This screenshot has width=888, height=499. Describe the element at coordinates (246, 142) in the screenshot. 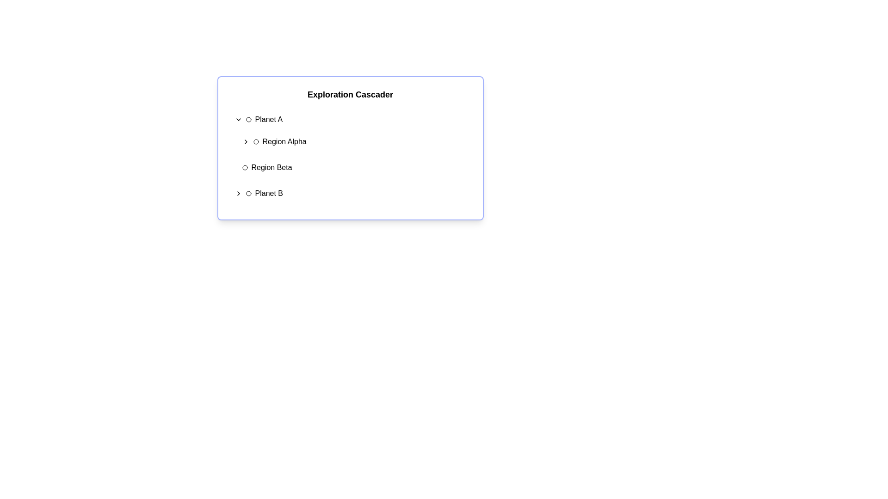

I see `the chevron icon element located to the left of the text label 'Region Alpha' in the options list` at that location.